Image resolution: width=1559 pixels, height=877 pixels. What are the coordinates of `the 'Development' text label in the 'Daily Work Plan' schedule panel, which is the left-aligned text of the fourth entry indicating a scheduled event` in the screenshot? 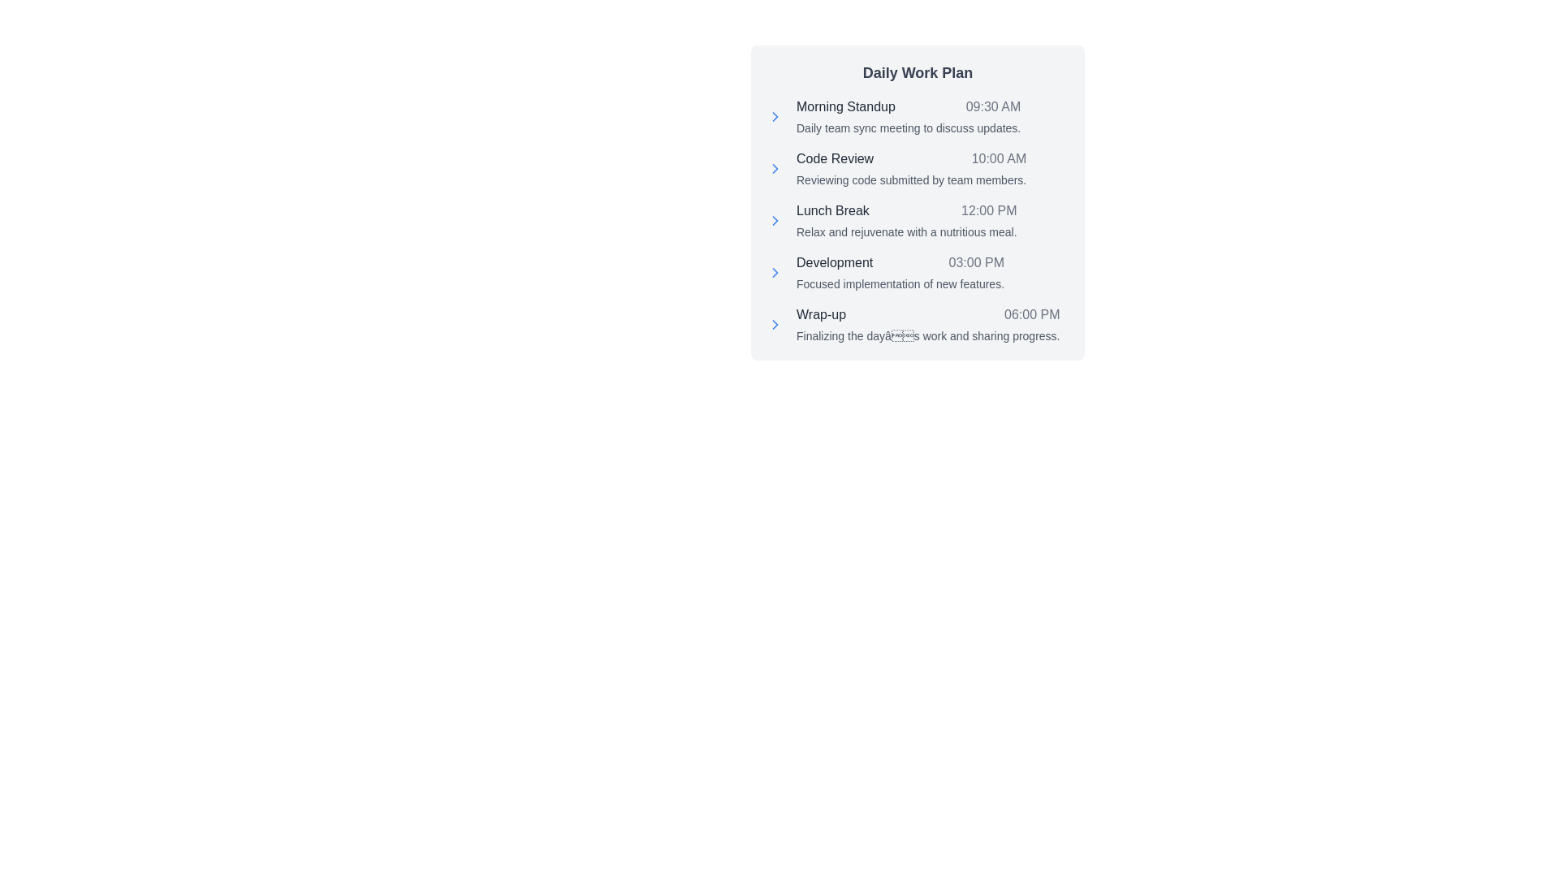 It's located at (835, 262).